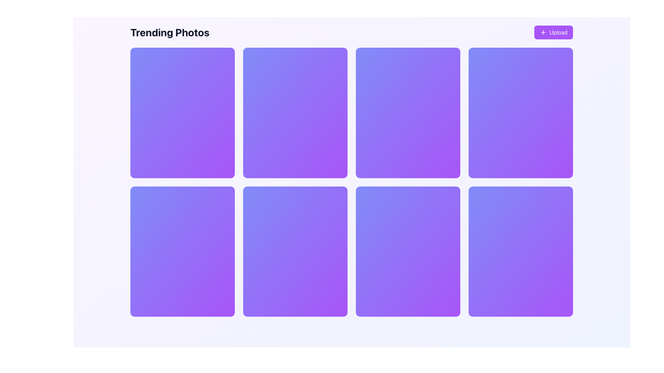 Image resolution: width=664 pixels, height=373 pixels. What do you see at coordinates (559, 32) in the screenshot?
I see `text label displaying 'Upload' in white color, which is centrally positioned within a purple button with rounded corners, located at the top-right corner of the interface` at bounding box center [559, 32].